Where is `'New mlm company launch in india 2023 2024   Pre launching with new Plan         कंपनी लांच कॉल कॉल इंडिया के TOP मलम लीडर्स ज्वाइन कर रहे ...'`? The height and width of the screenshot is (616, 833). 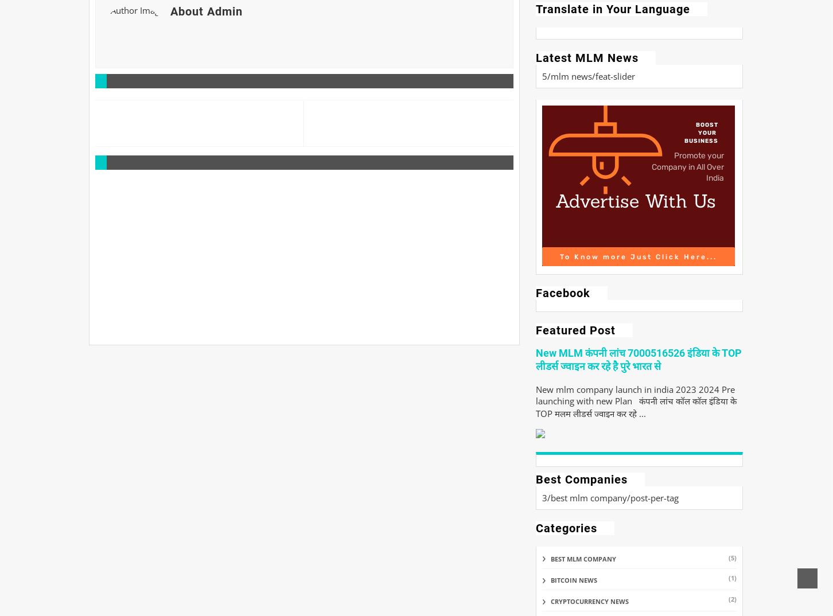
'New mlm company launch in india 2023 2024   Pre launching with new Plan         कंपनी लांच कॉल कॉल इंडिया के TOP मलम लीडर्स ज्वाइन कर रहे ...' is located at coordinates (535, 401).